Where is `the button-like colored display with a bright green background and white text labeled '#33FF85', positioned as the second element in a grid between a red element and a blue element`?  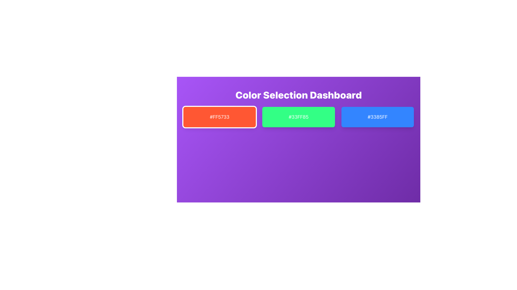 the button-like colored display with a bright green background and white text labeled '#33FF85', positioned as the second element in a grid between a red element and a blue element is located at coordinates (298, 117).